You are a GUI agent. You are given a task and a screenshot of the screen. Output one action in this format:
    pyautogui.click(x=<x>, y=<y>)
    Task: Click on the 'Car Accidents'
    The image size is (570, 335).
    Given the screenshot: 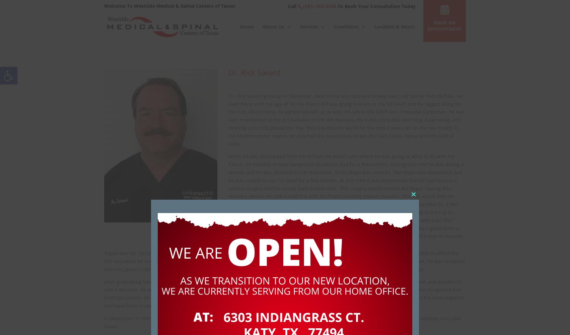 What is the action you would take?
    pyautogui.click(x=133, y=57)
    